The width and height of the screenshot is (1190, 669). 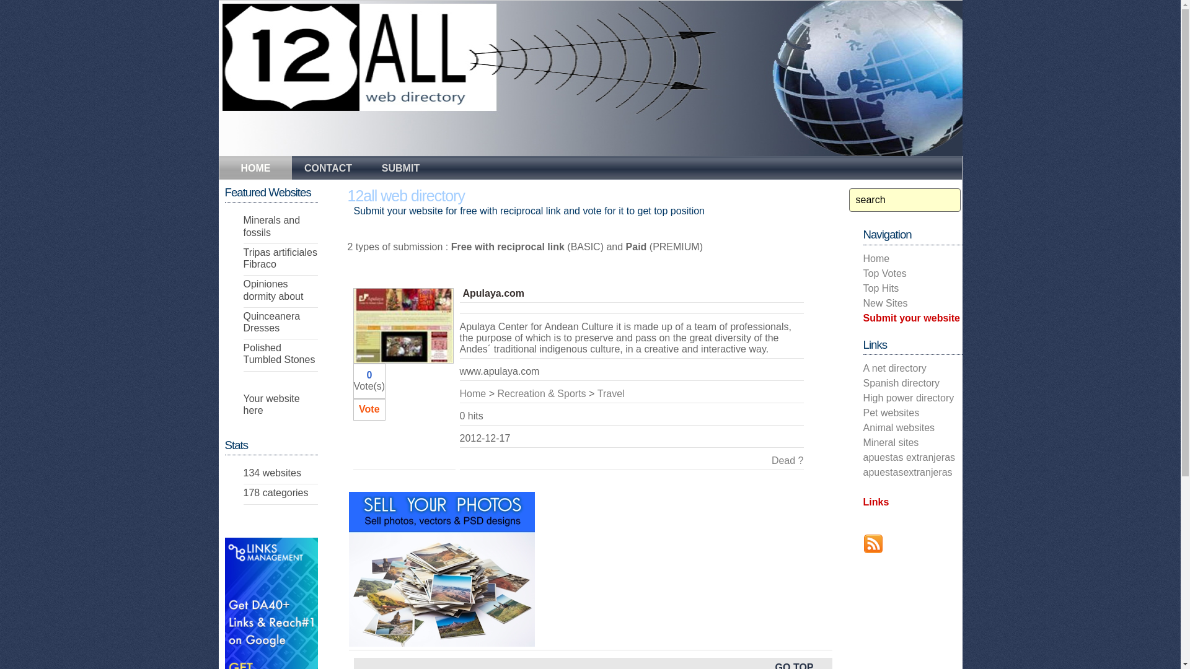 What do you see at coordinates (272, 289) in the screenshot?
I see `'Opiniones dormity about'` at bounding box center [272, 289].